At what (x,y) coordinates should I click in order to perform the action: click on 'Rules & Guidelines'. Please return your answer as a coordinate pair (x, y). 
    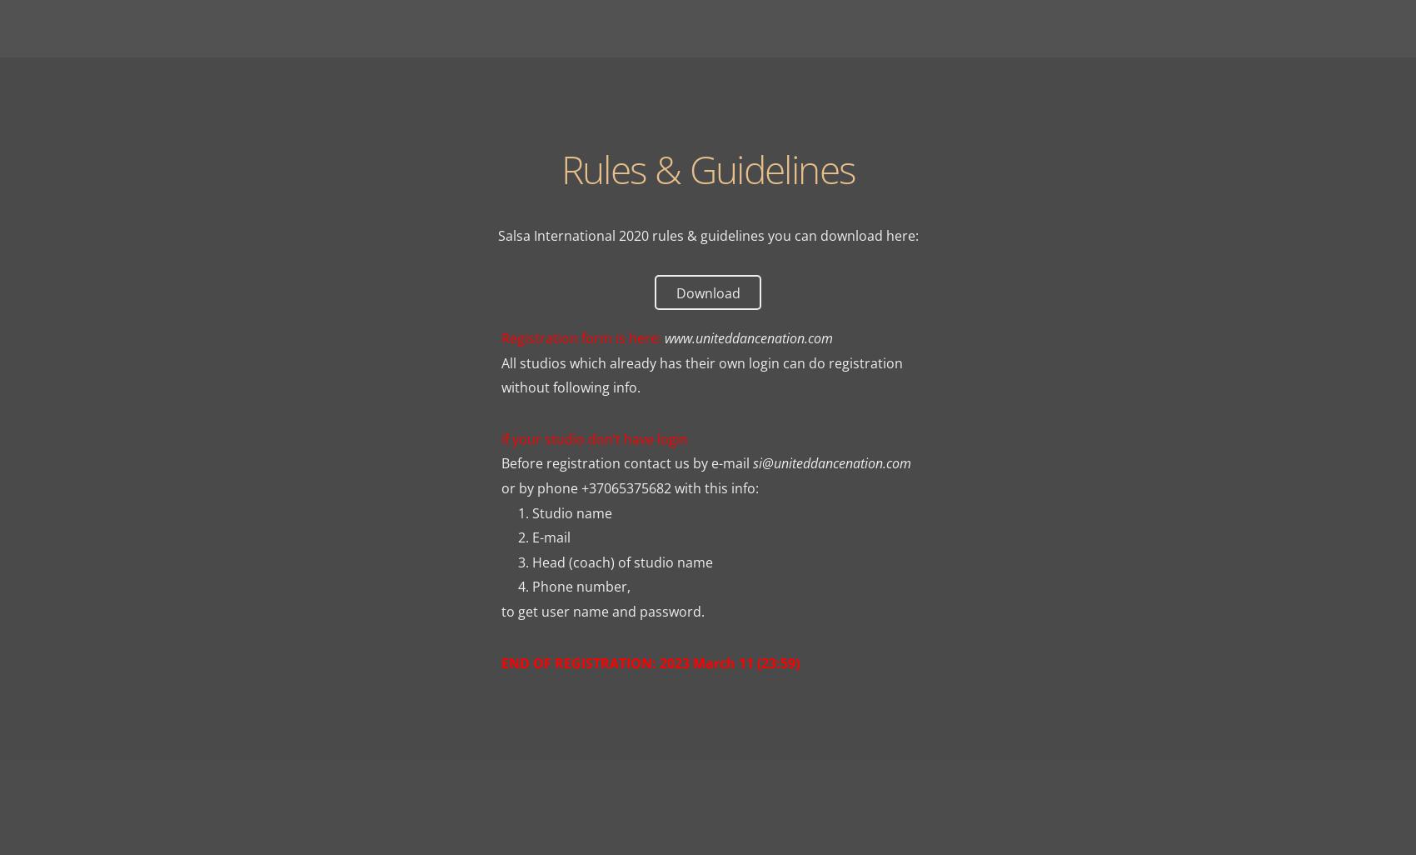
    Looking at the image, I should click on (706, 168).